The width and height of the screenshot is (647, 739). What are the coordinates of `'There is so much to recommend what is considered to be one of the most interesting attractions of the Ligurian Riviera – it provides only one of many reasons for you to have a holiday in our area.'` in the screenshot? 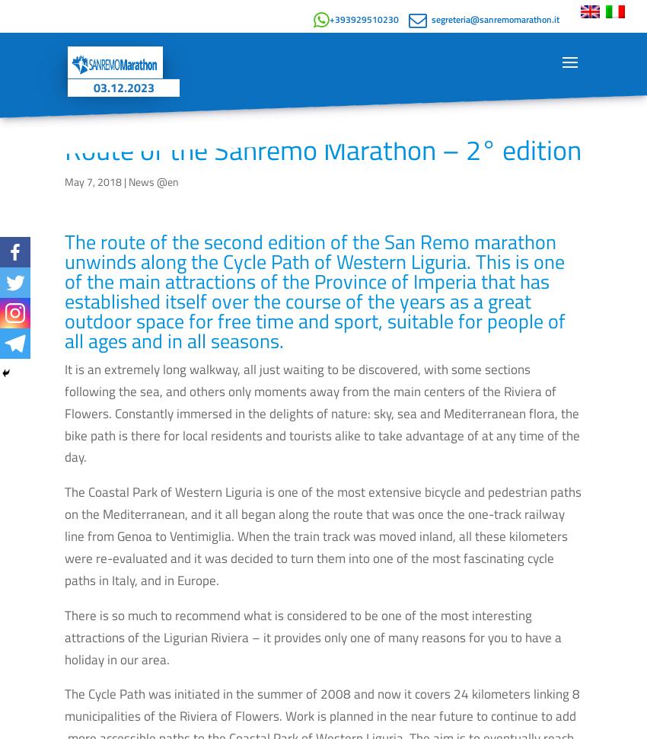 It's located at (313, 636).